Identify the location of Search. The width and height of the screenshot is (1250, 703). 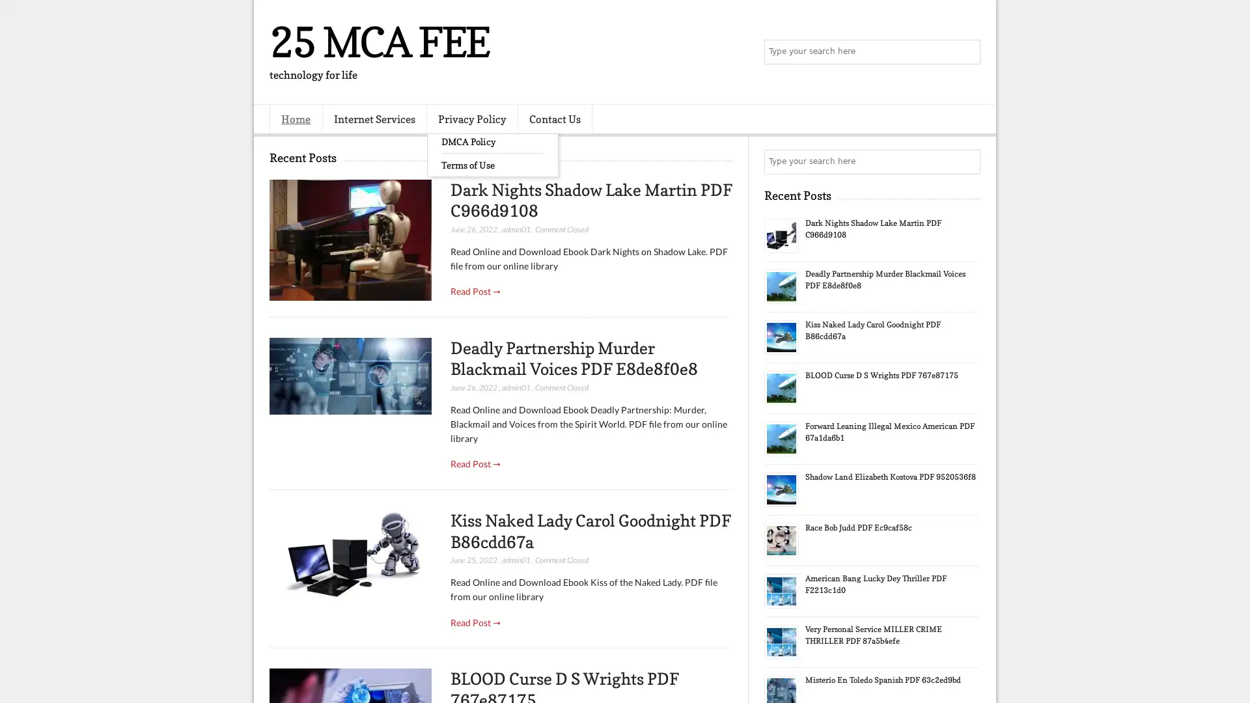
(967, 161).